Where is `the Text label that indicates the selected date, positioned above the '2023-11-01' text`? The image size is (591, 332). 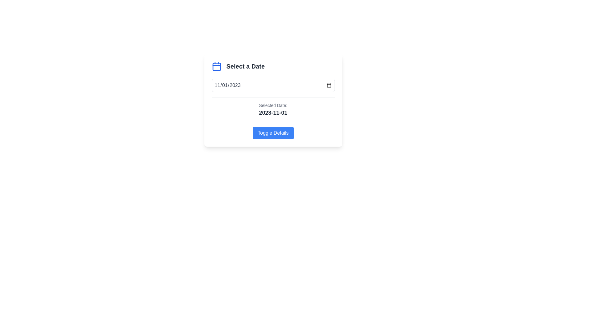 the Text label that indicates the selected date, positioned above the '2023-11-01' text is located at coordinates (273, 105).